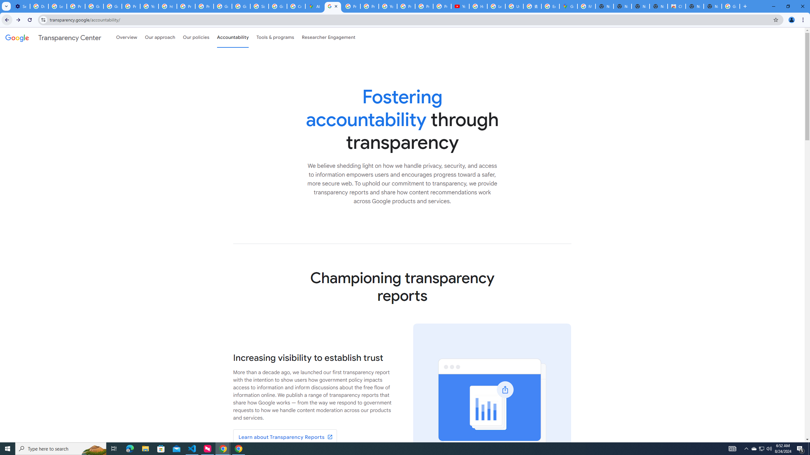 The height and width of the screenshot is (455, 810). What do you see at coordinates (275, 37) in the screenshot?
I see `'Tools & programs'` at bounding box center [275, 37].